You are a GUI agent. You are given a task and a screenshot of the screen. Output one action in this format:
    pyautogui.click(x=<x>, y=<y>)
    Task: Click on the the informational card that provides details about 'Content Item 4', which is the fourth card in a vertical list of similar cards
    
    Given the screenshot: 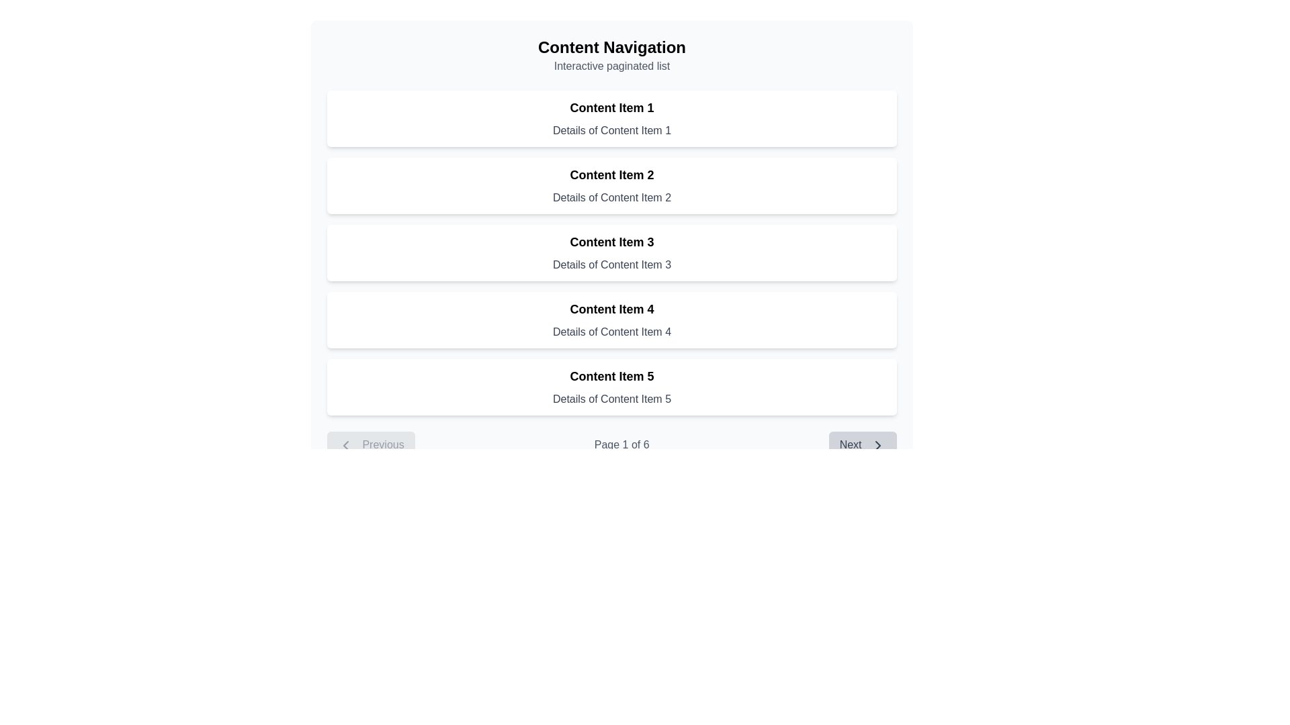 What is the action you would take?
    pyautogui.click(x=611, y=320)
    